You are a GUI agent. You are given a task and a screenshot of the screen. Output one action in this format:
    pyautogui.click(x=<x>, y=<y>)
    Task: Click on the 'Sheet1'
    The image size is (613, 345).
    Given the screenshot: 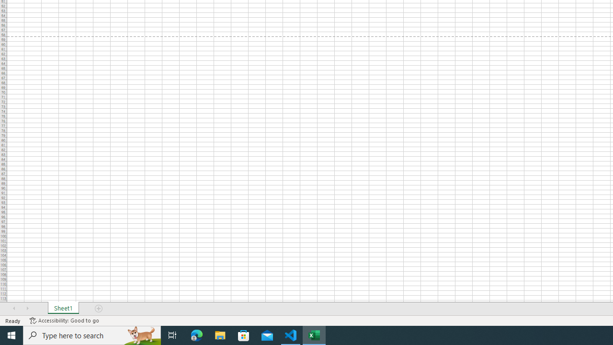 What is the action you would take?
    pyautogui.click(x=63, y=309)
    